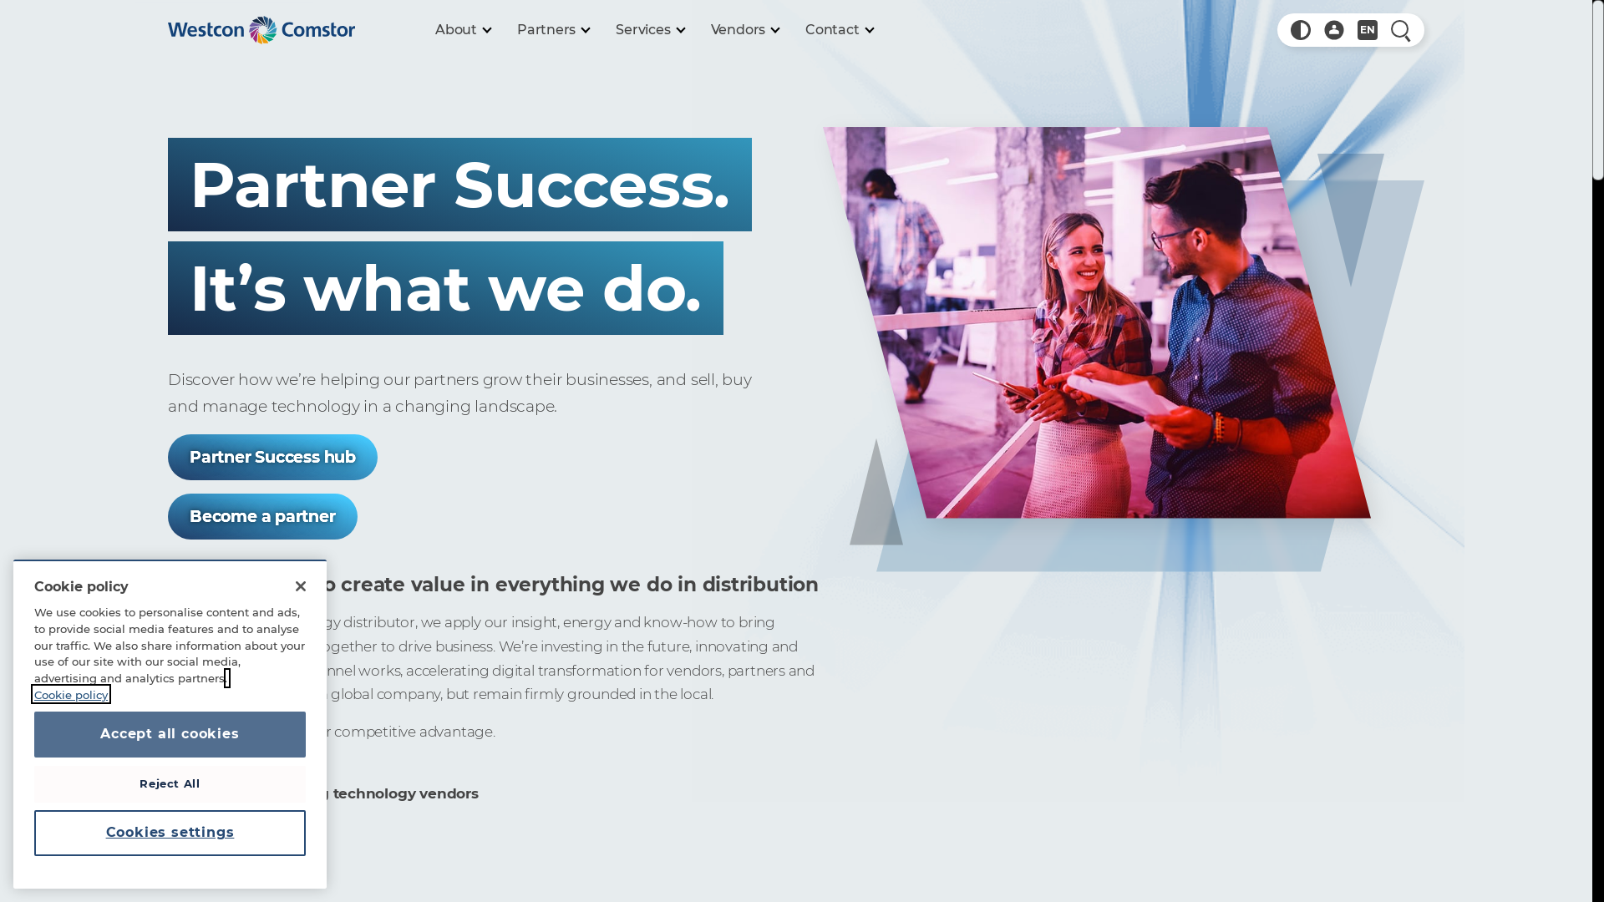  I want to click on 'Cookies settings', so click(170, 832).